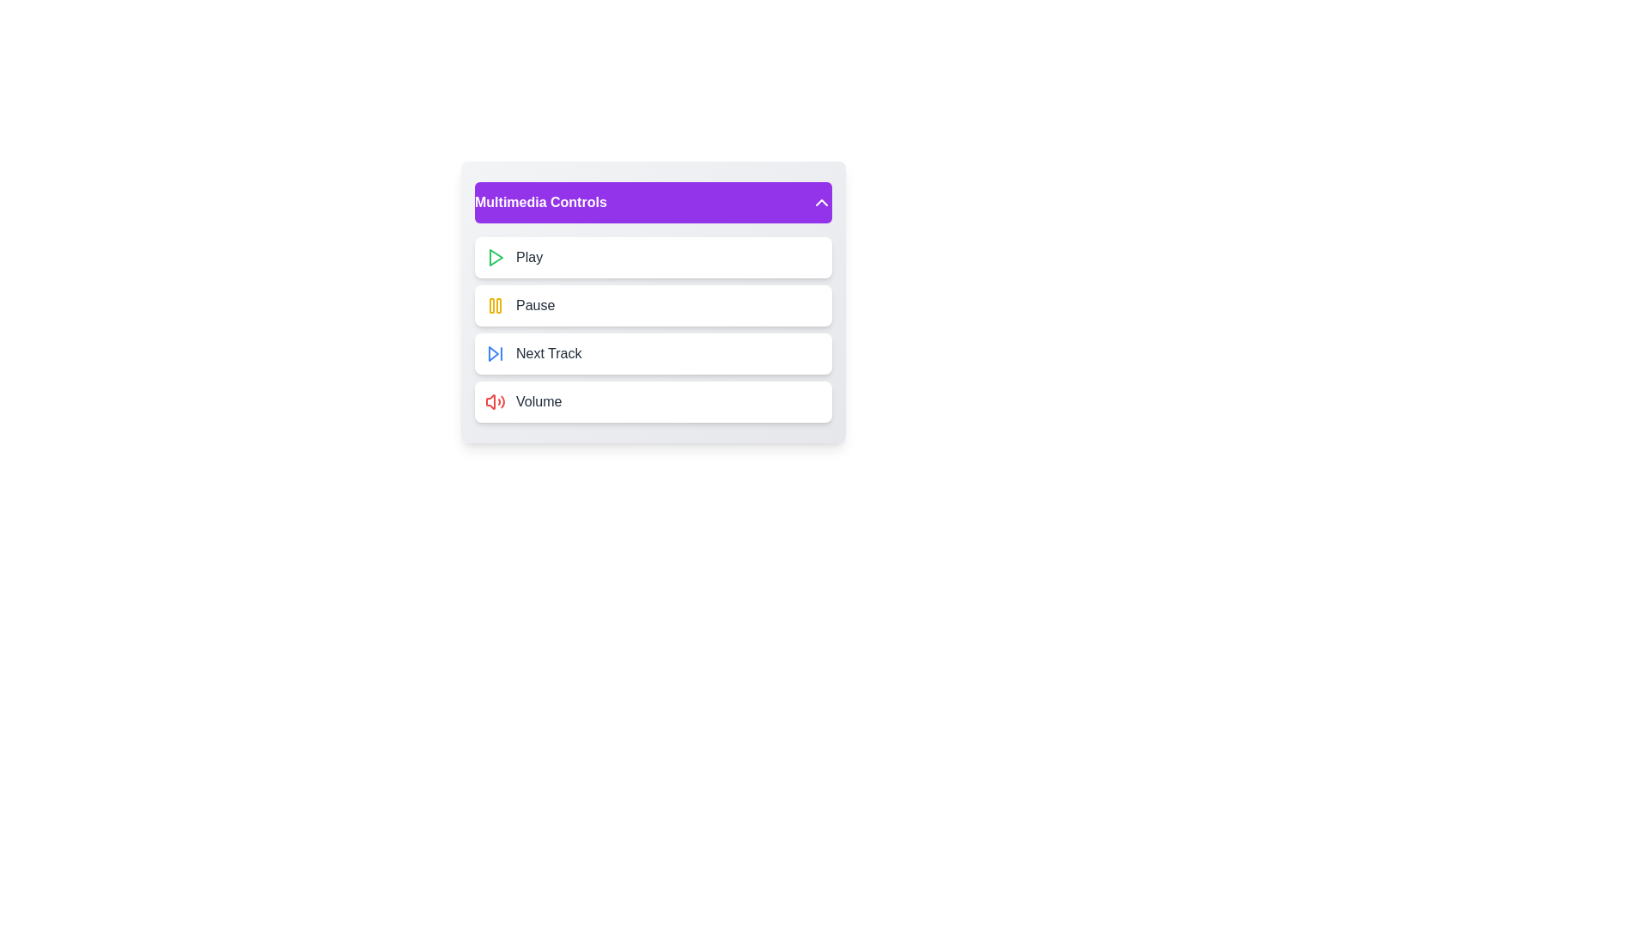 The image size is (1649, 928). What do you see at coordinates (494, 401) in the screenshot?
I see `the audio control icon located at the left end of the 'Volume' row in the multimedia controls section` at bounding box center [494, 401].